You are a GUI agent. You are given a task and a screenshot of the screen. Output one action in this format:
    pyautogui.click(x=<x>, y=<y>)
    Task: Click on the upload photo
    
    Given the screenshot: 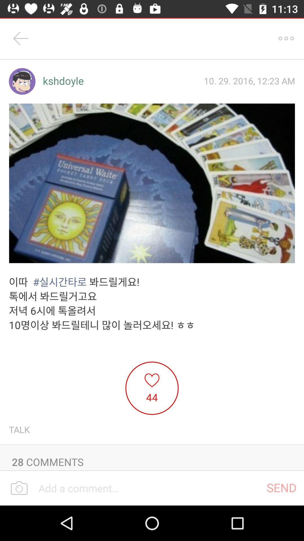 What is the action you would take?
    pyautogui.click(x=19, y=488)
    